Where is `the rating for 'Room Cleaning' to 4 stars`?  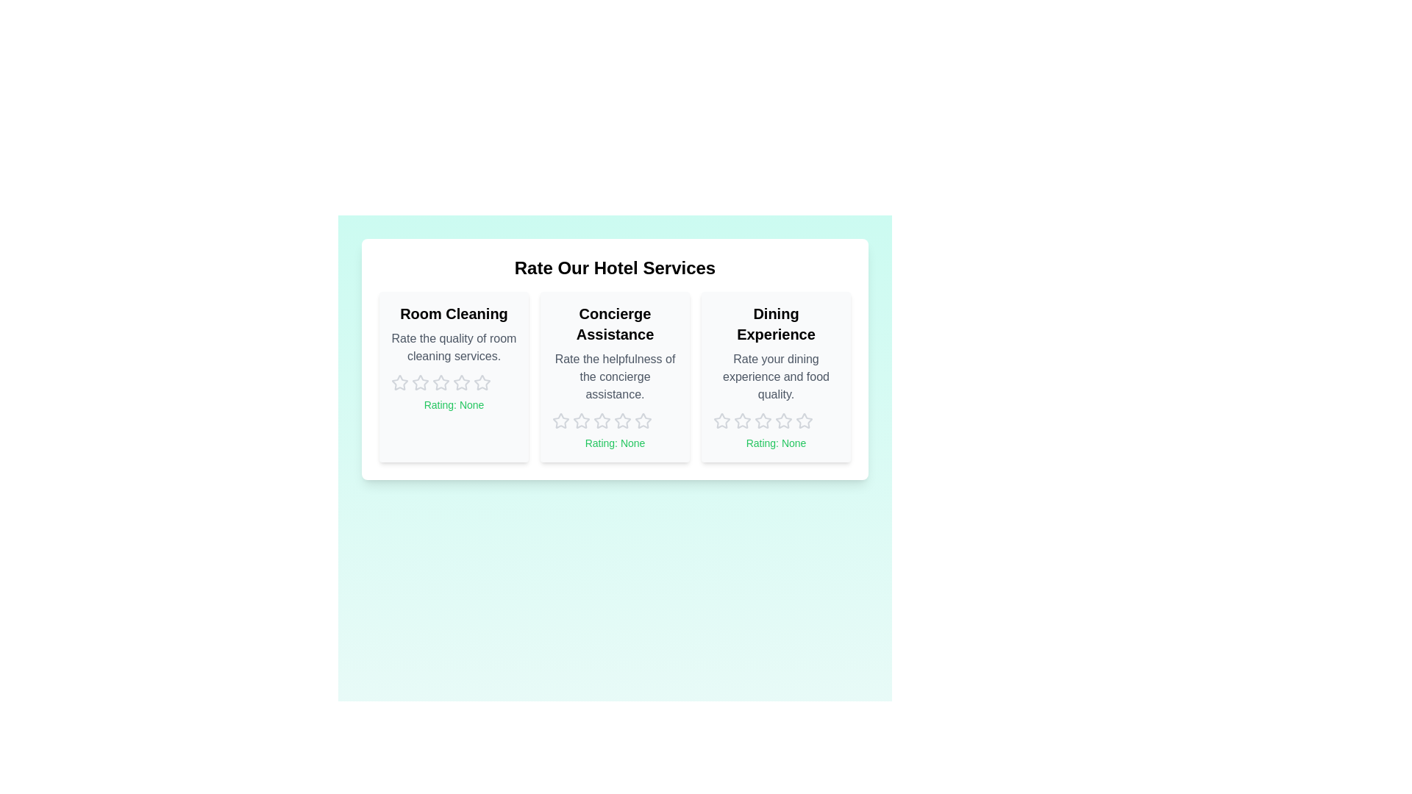
the rating for 'Room Cleaning' to 4 stars is located at coordinates (461, 382).